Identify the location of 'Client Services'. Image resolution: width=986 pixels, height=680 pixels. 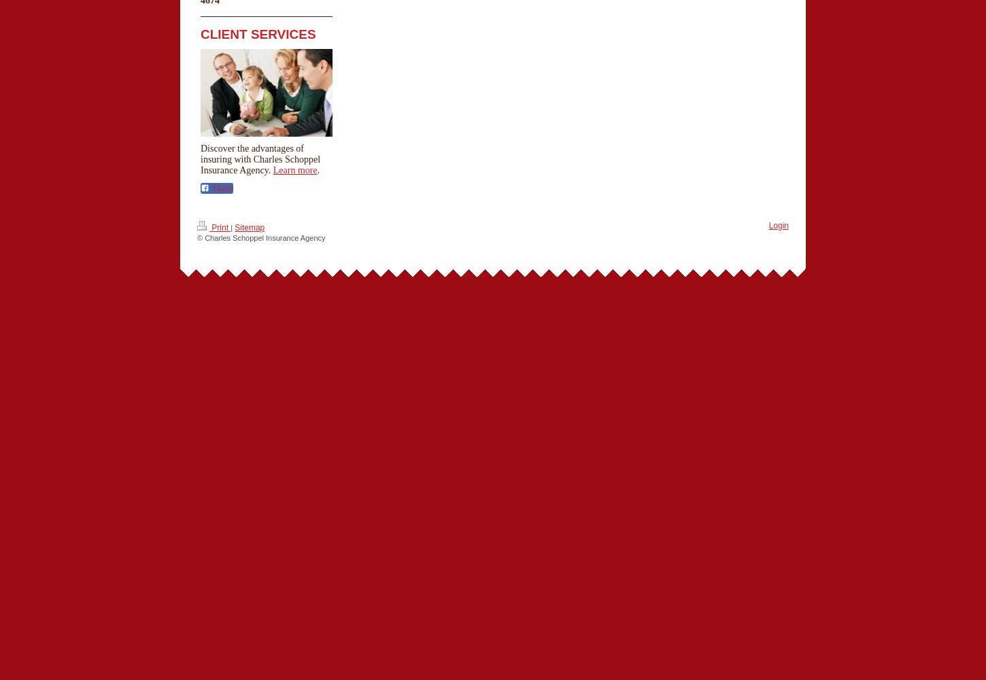
(200, 33).